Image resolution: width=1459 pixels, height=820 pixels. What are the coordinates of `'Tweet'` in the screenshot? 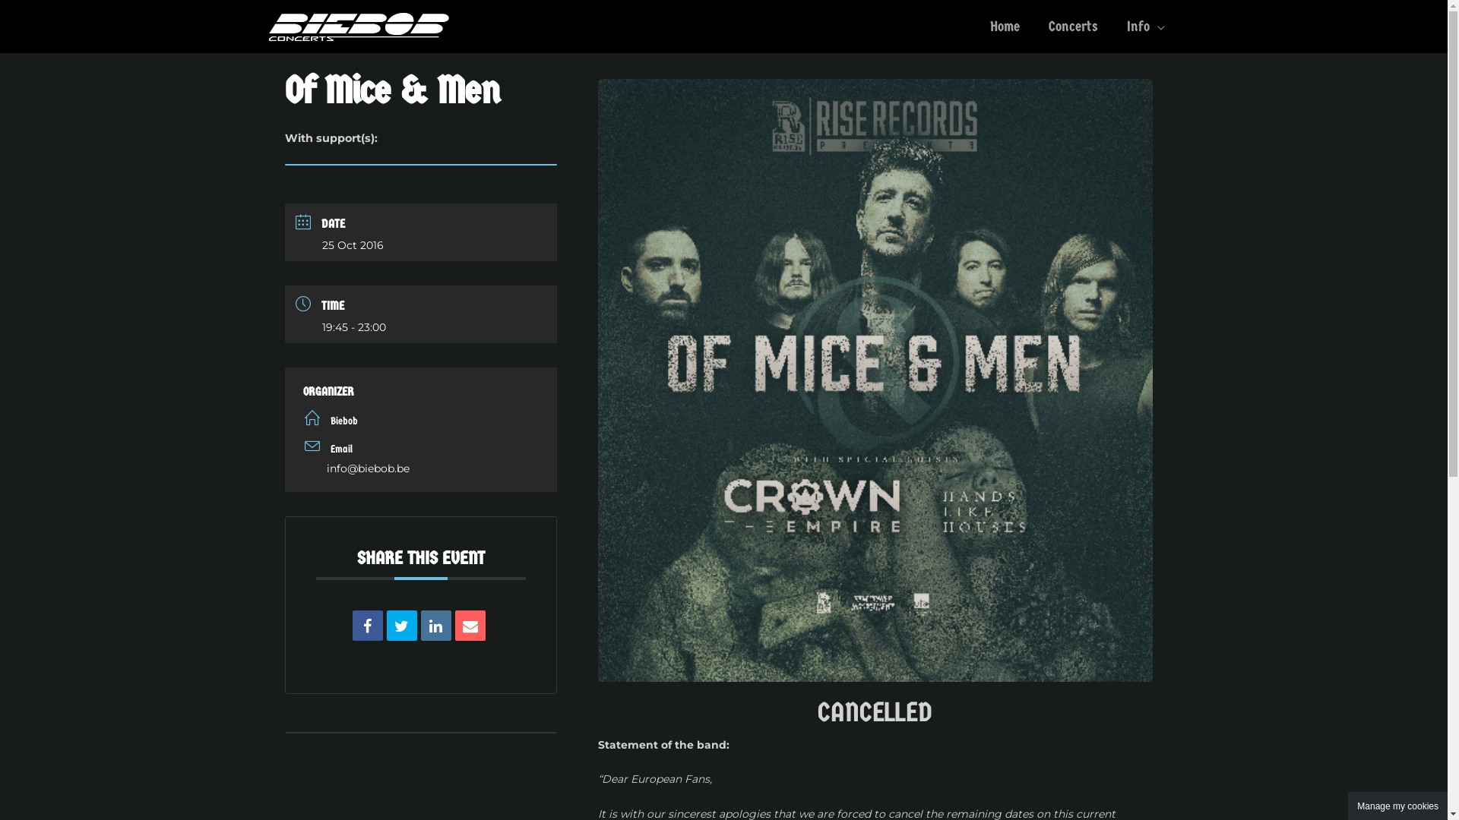 It's located at (401, 626).